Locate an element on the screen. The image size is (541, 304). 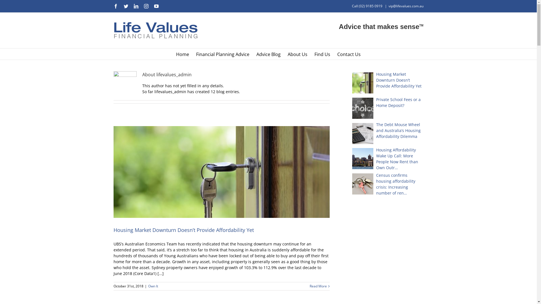
'YouTube' is located at coordinates (156, 6).